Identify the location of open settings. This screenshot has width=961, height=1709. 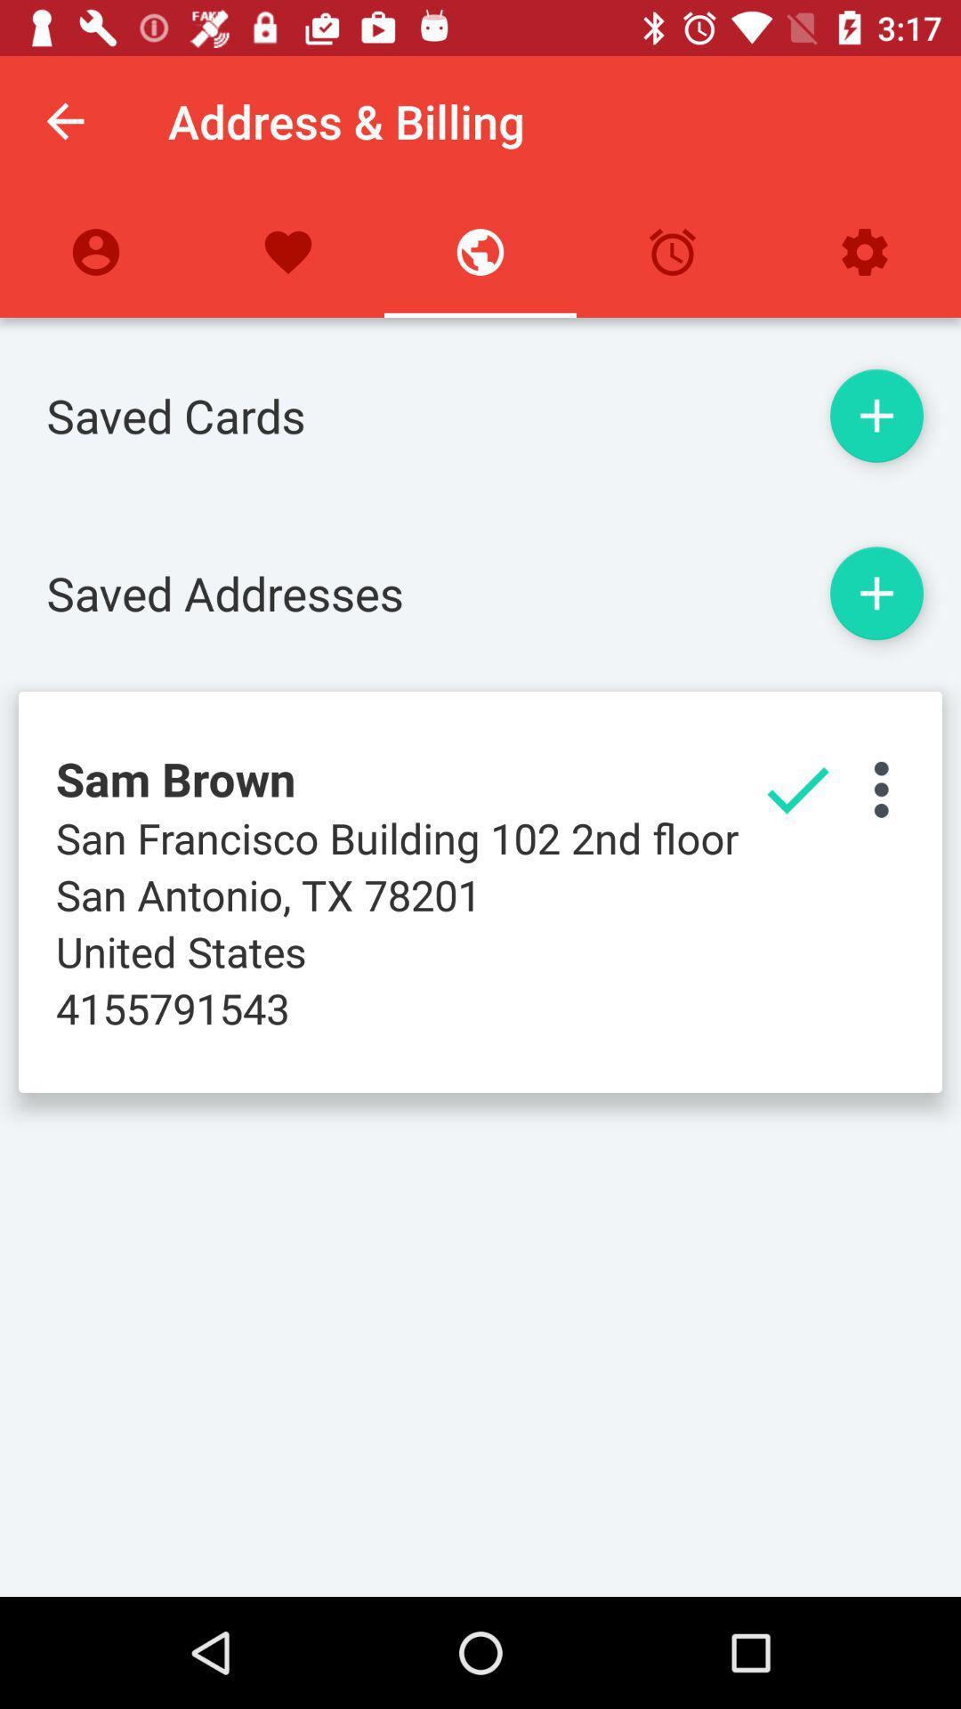
(881, 789).